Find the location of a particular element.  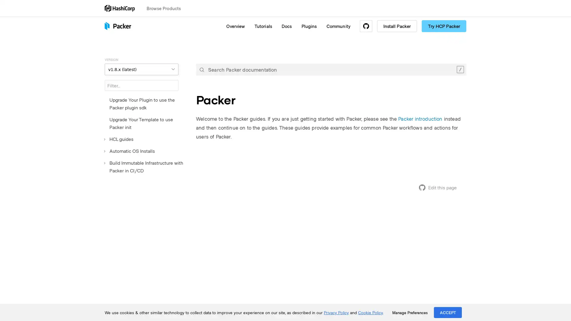

HCL guides is located at coordinates (119, 139).